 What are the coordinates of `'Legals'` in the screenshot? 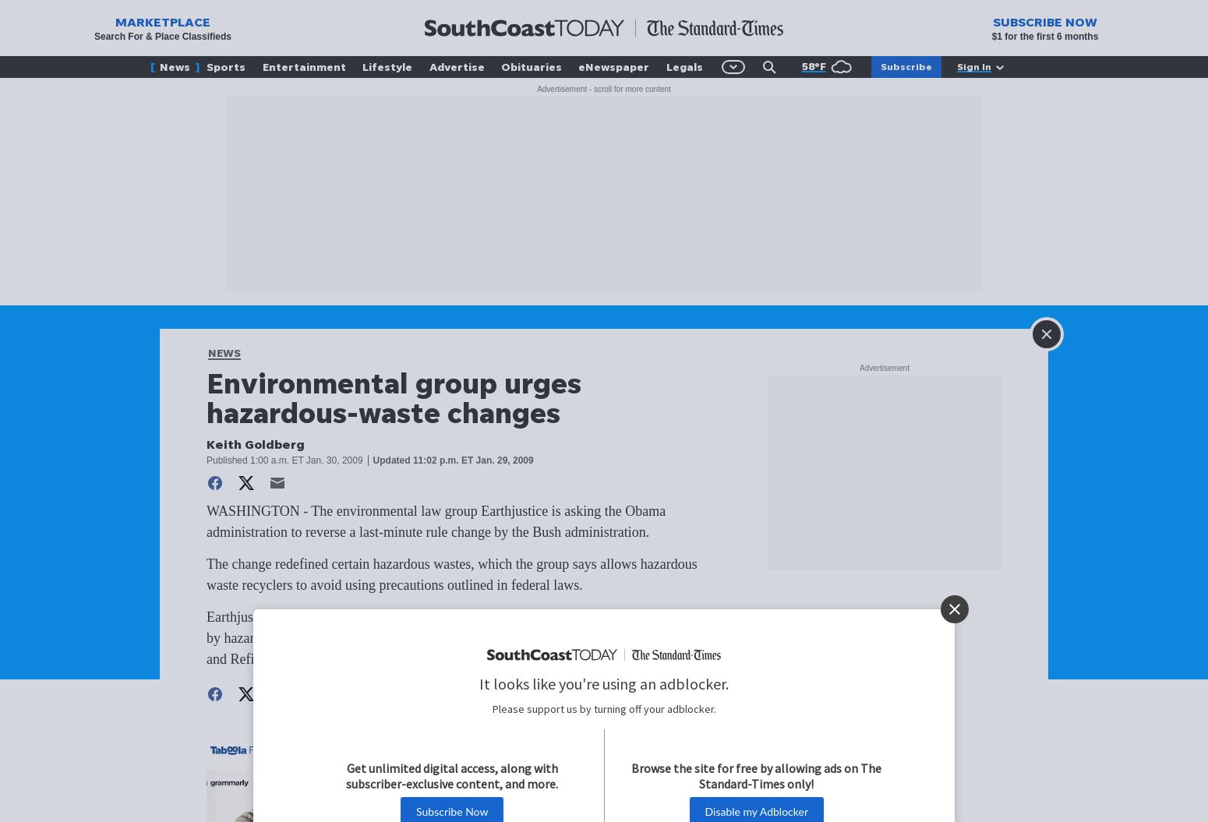 It's located at (666, 65).